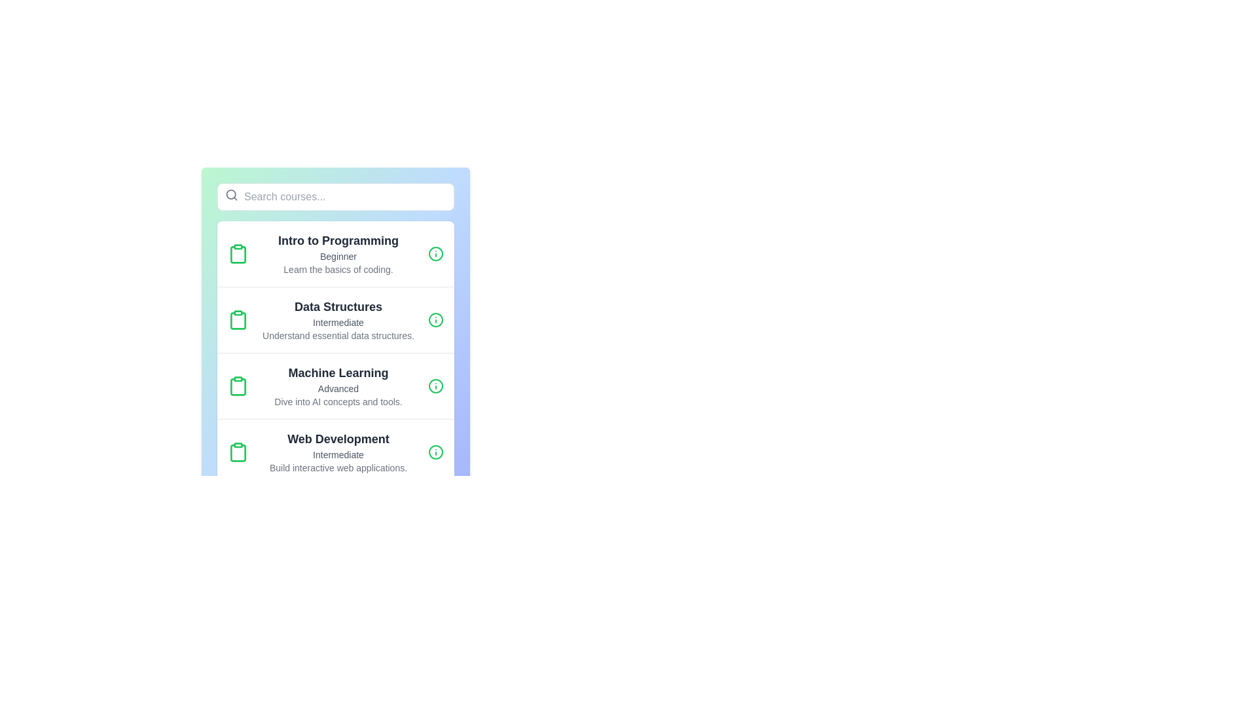 Image resolution: width=1257 pixels, height=707 pixels. What do you see at coordinates (336, 319) in the screenshot?
I see `the interactive course selection item for 'Data Structures', which is the second item in a vertical list of modules` at bounding box center [336, 319].